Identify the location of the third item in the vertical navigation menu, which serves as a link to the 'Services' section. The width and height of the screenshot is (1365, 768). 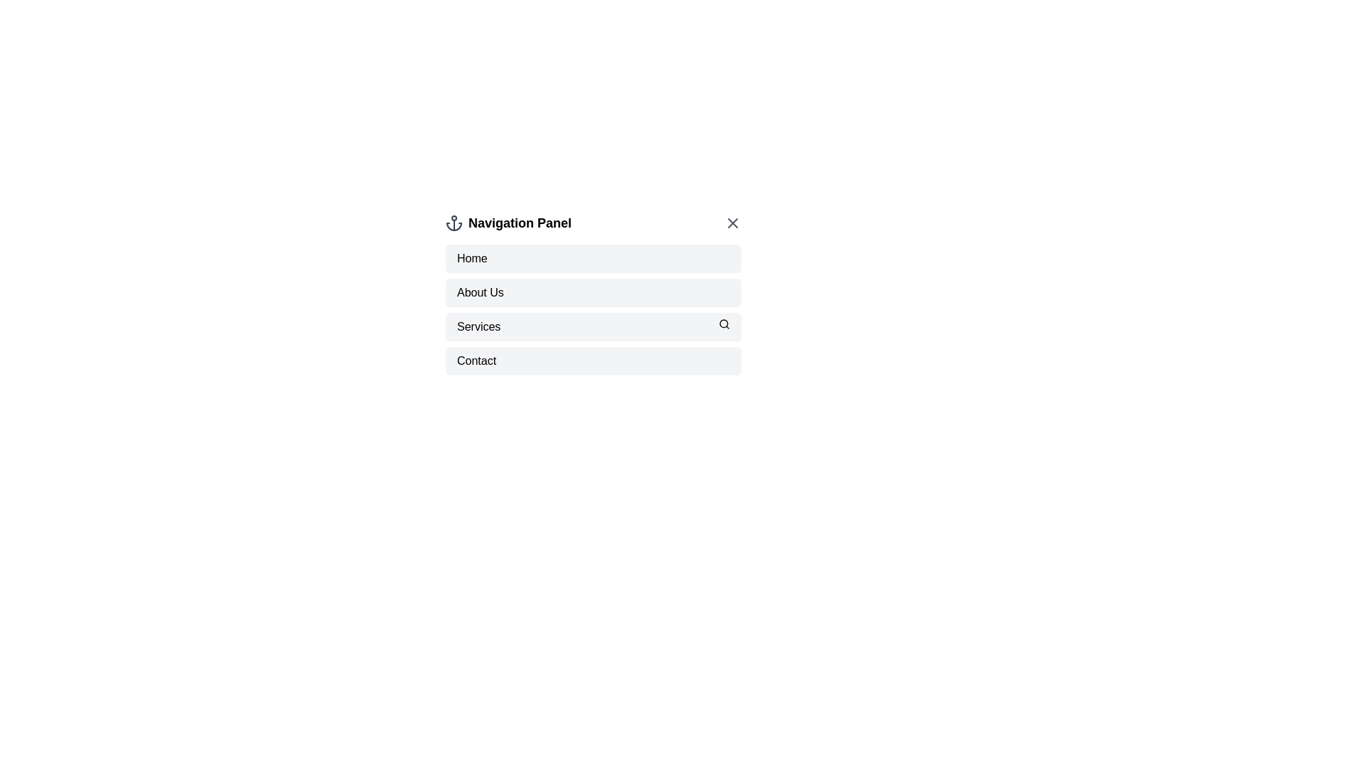
(594, 326).